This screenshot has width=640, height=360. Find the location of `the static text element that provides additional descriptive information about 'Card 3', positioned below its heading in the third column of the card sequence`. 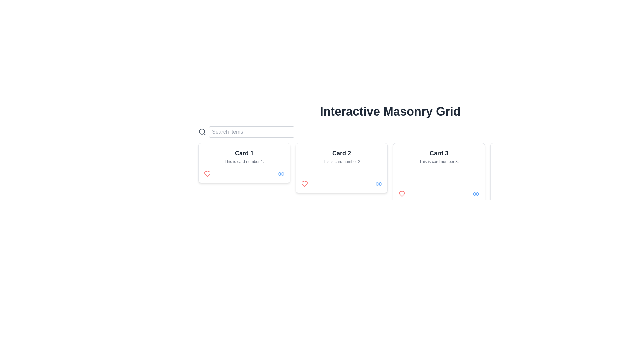

the static text element that provides additional descriptive information about 'Card 3', positioned below its heading in the third column of the card sequence is located at coordinates (439, 162).